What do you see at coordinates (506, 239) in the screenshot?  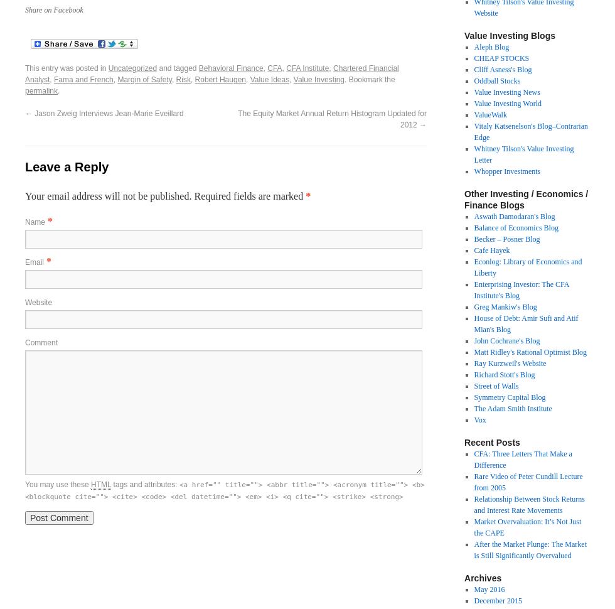 I see `'Becker – Posner Blog'` at bounding box center [506, 239].